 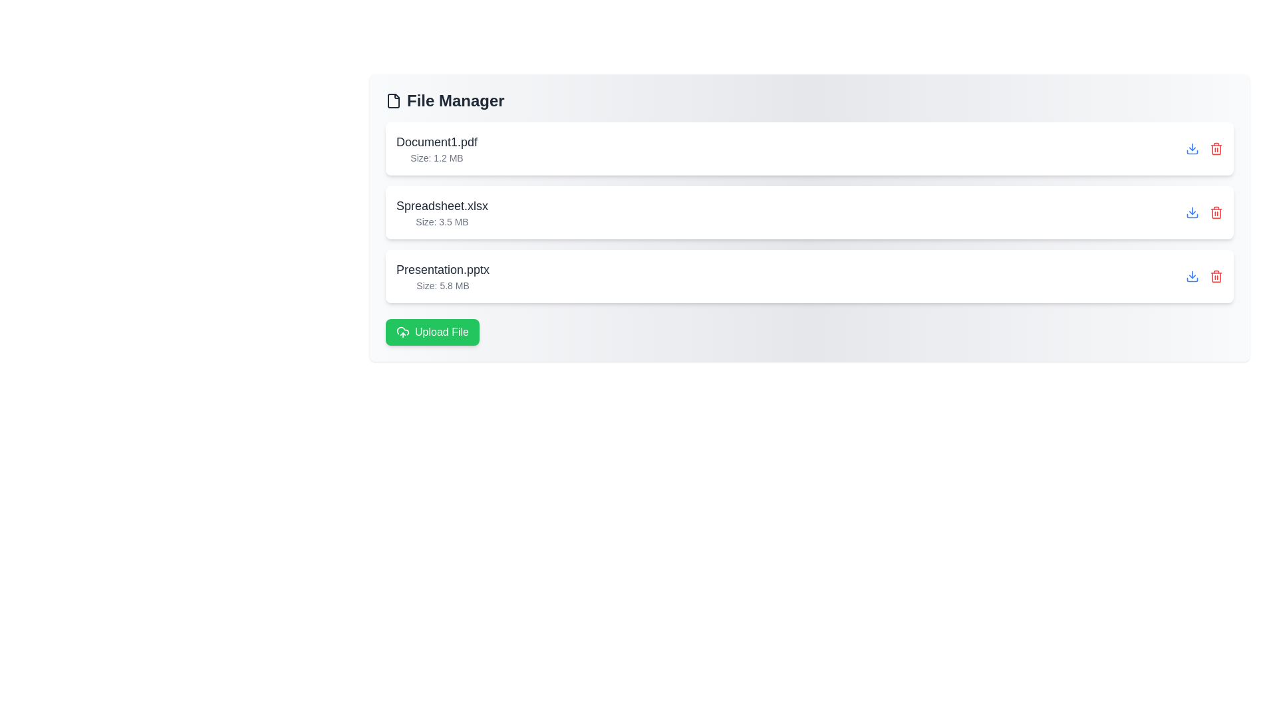 I want to click on download button for the file Document1.pdf, so click(x=1193, y=148).